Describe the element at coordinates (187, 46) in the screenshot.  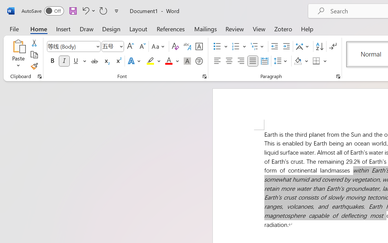
I see `'Phonetic Guide...'` at that location.